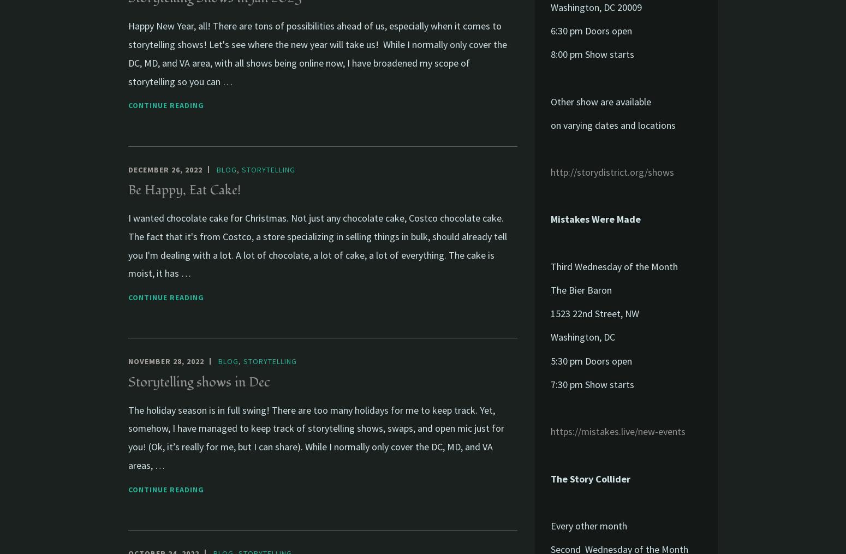 The width and height of the screenshot is (846, 554). What do you see at coordinates (128, 168) in the screenshot?
I see `'December 26, 2022'` at bounding box center [128, 168].